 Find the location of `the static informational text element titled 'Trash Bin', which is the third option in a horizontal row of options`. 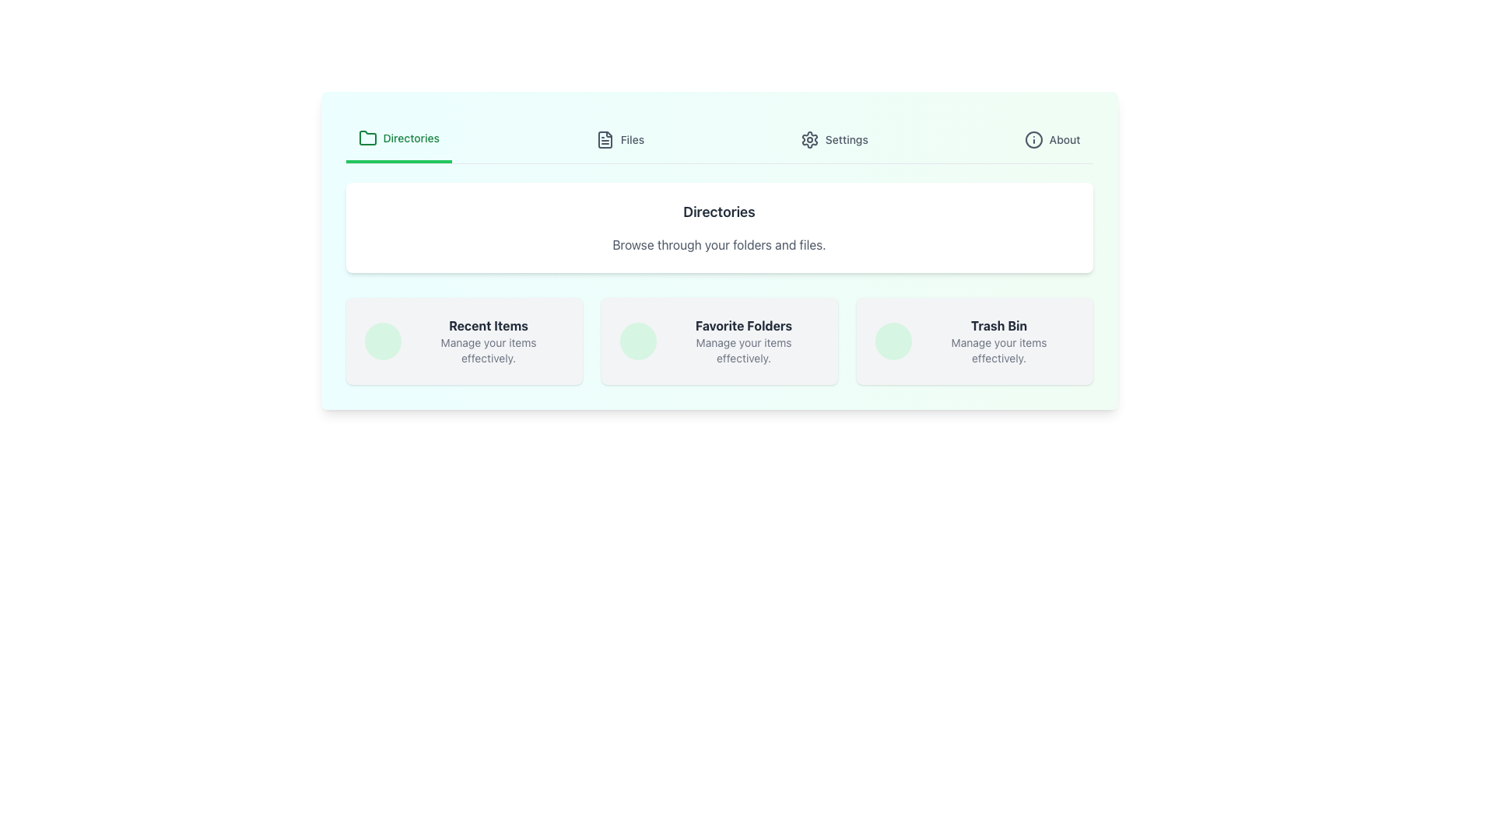

the static informational text element titled 'Trash Bin', which is the third option in a horizontal row of options is located at coordinates (999, 341).